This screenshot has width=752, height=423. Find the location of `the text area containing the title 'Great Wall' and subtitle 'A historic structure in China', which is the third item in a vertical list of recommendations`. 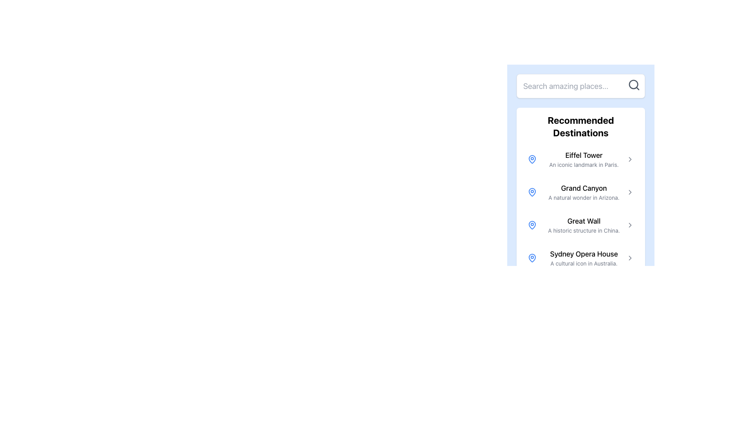

the text area containing the title 'Great Wall' and subtitle 'A historic structure in China', which is the third item in a vertical list of recommendations is located at coordinates (584, 225).